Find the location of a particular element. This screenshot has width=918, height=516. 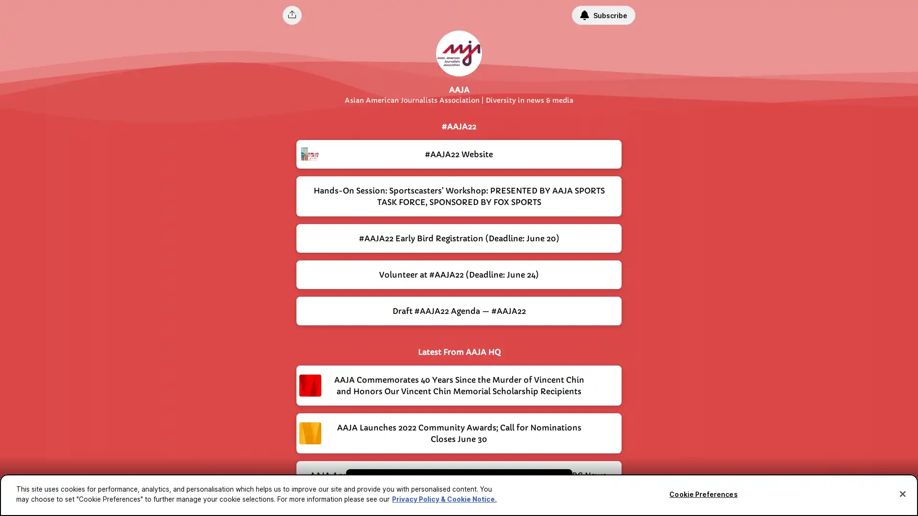

Close is located at coordinates (902, 494).